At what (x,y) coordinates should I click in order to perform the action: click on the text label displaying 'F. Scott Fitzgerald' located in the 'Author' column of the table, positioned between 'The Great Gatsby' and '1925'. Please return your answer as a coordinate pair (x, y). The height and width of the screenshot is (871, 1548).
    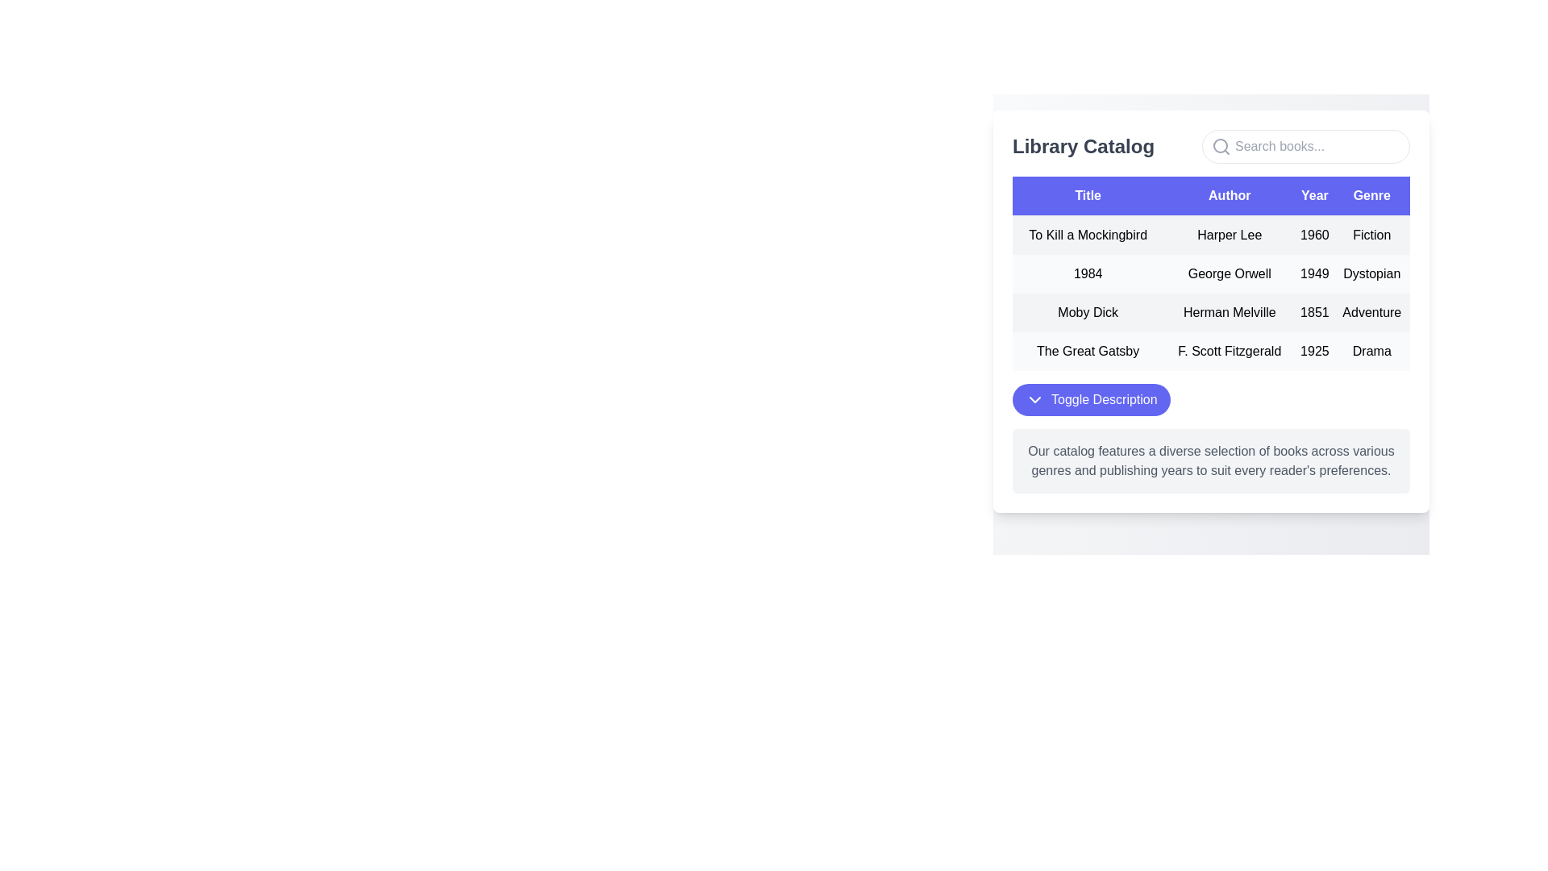
    Looking at the image, I should click on (1229, 350).